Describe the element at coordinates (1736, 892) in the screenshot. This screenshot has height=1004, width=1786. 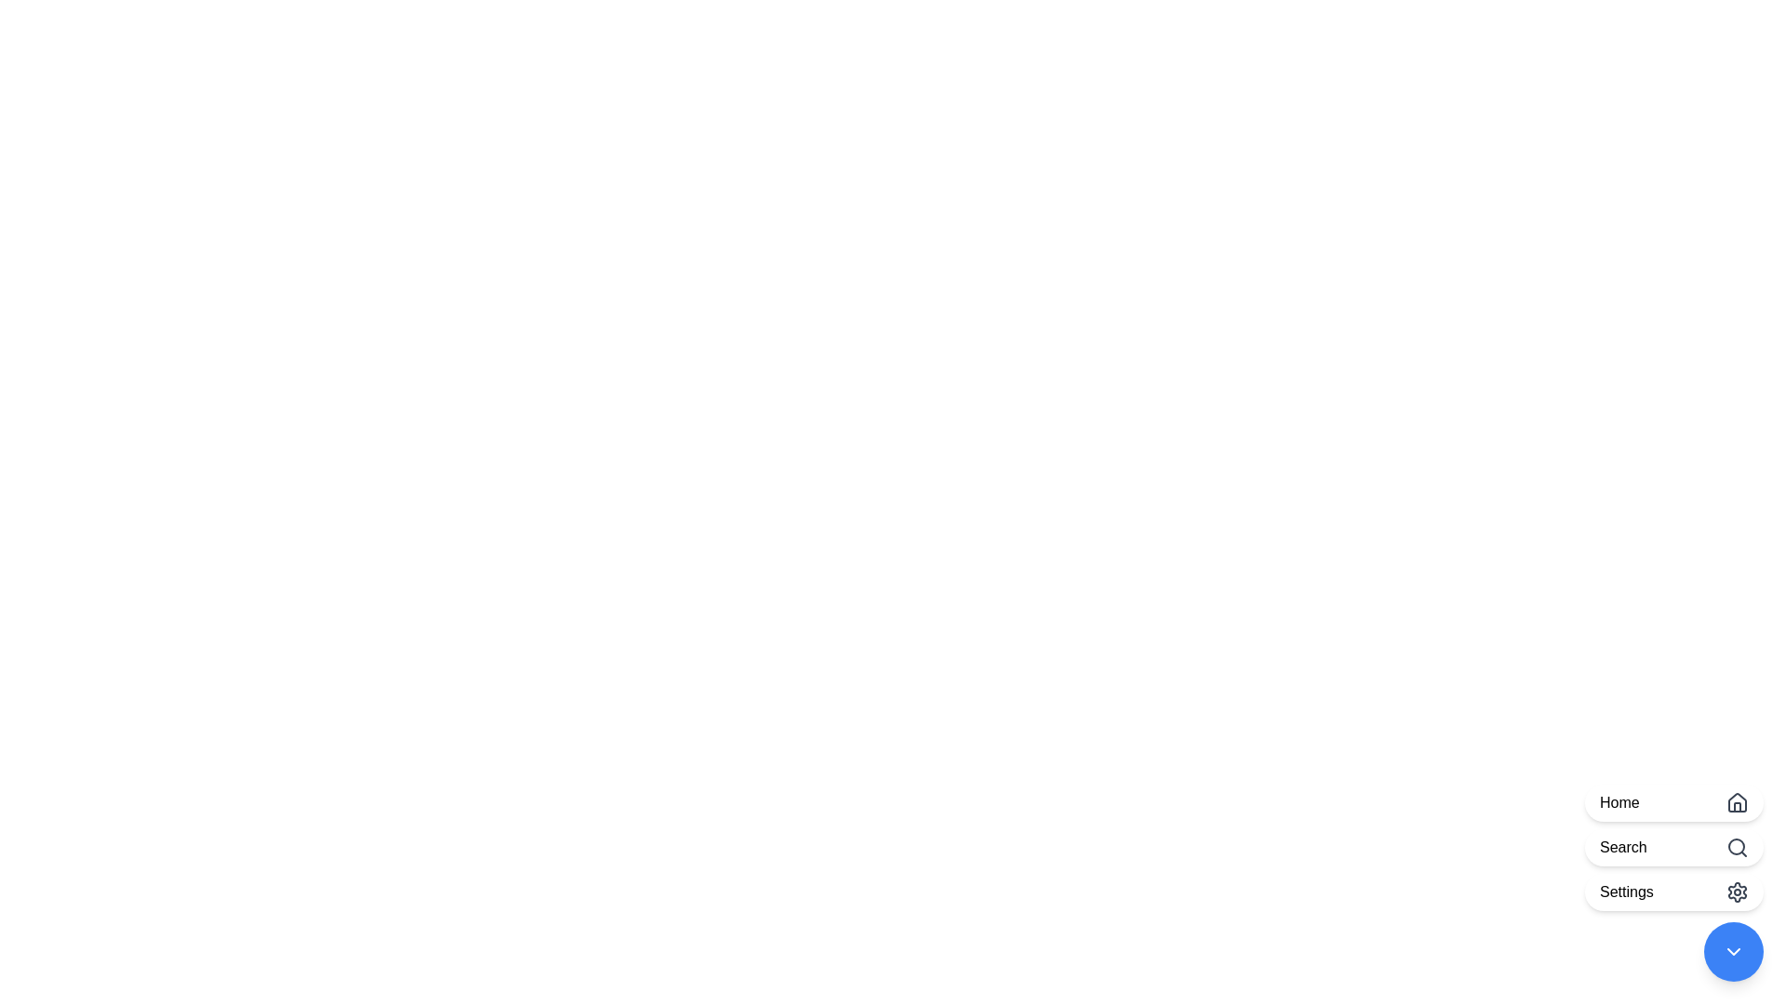
I see `the gear-shaped icon representing 'Settings' in the bottom-right corner of the vertical menu` at that location.